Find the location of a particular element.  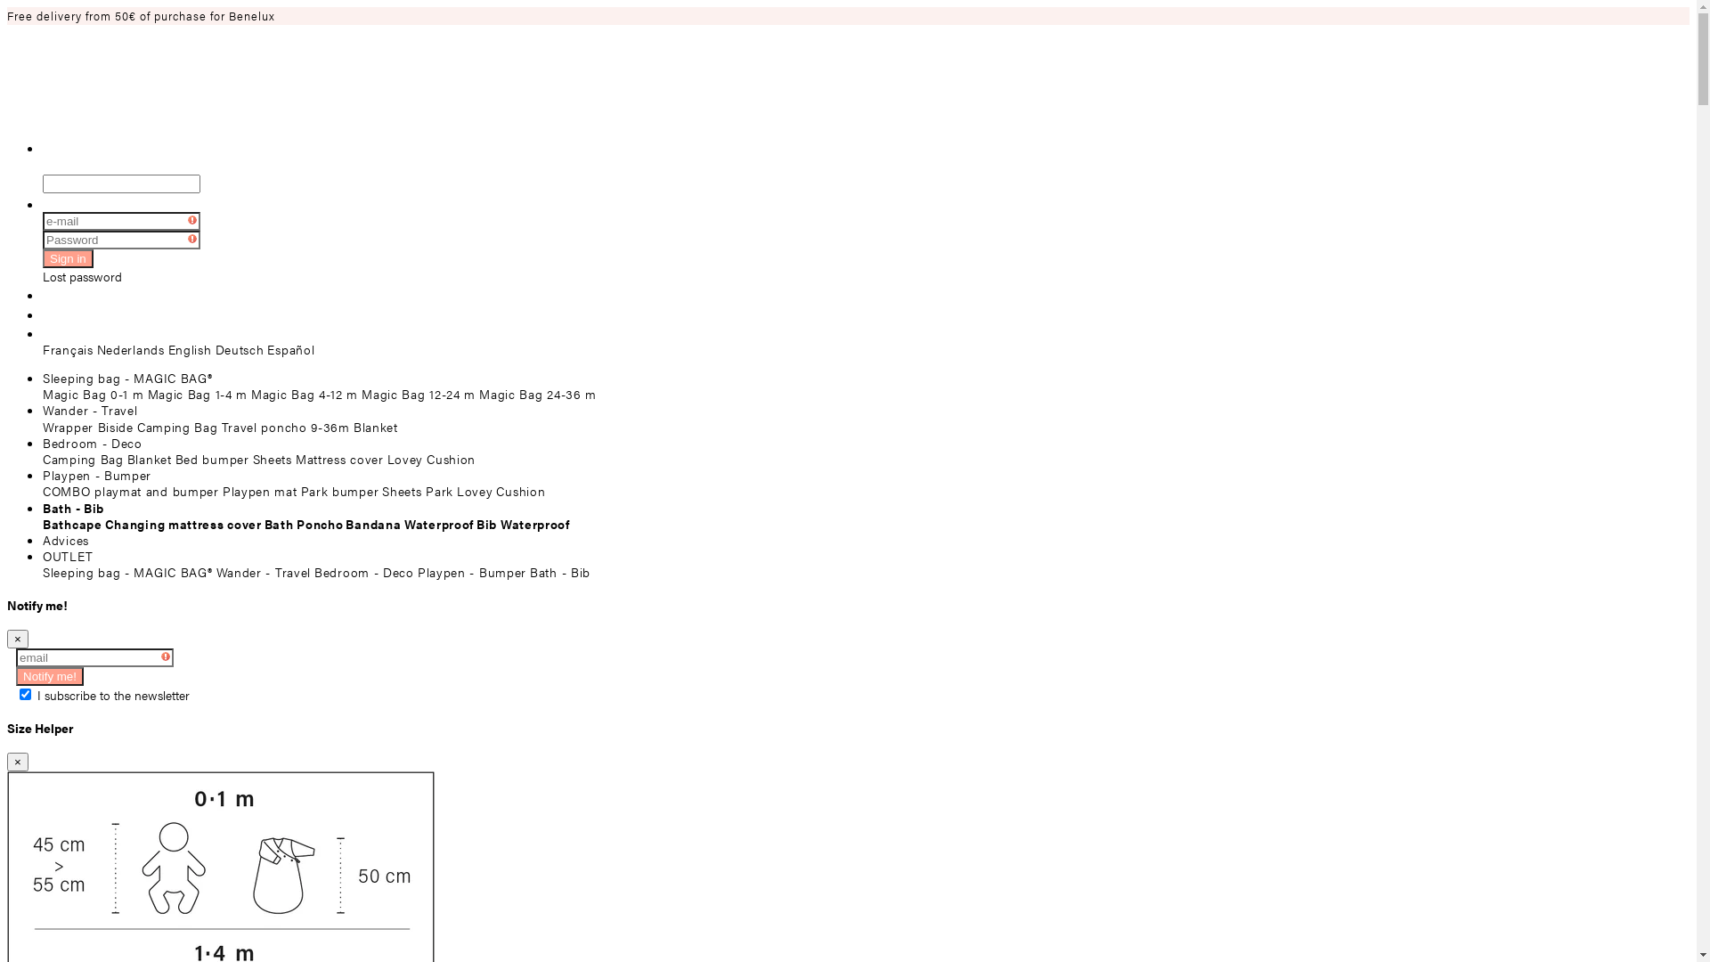

'Sign in' is located at coordinates (68, 258).